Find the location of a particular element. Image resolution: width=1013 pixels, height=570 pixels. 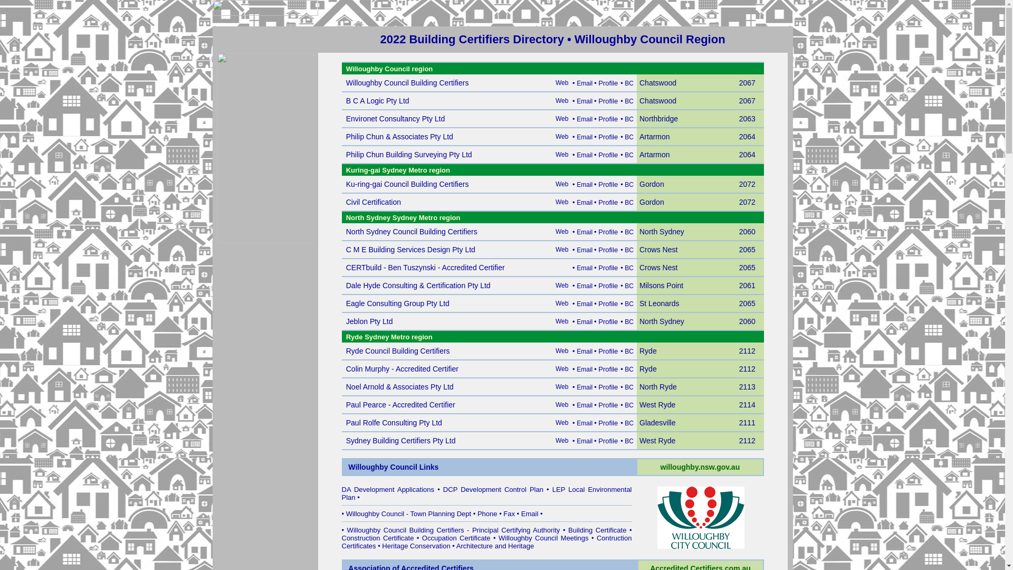

'Ryde Sydney Metro region' is located at coordinates (389, 336).